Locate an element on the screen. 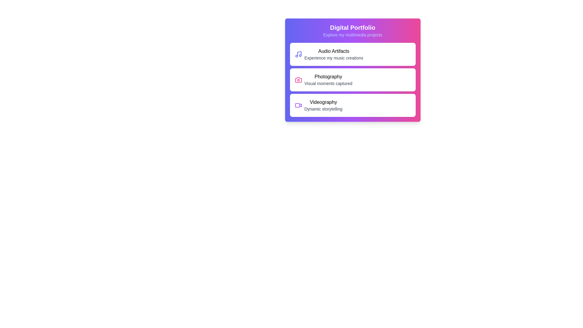 The height and width of the screenshot is (328, 583). the text label reading 'Visual moments captured' which is located below the title 'Photography' in the second card from the top, in the middle-right section of the interface is located at coordinates (328, 83).